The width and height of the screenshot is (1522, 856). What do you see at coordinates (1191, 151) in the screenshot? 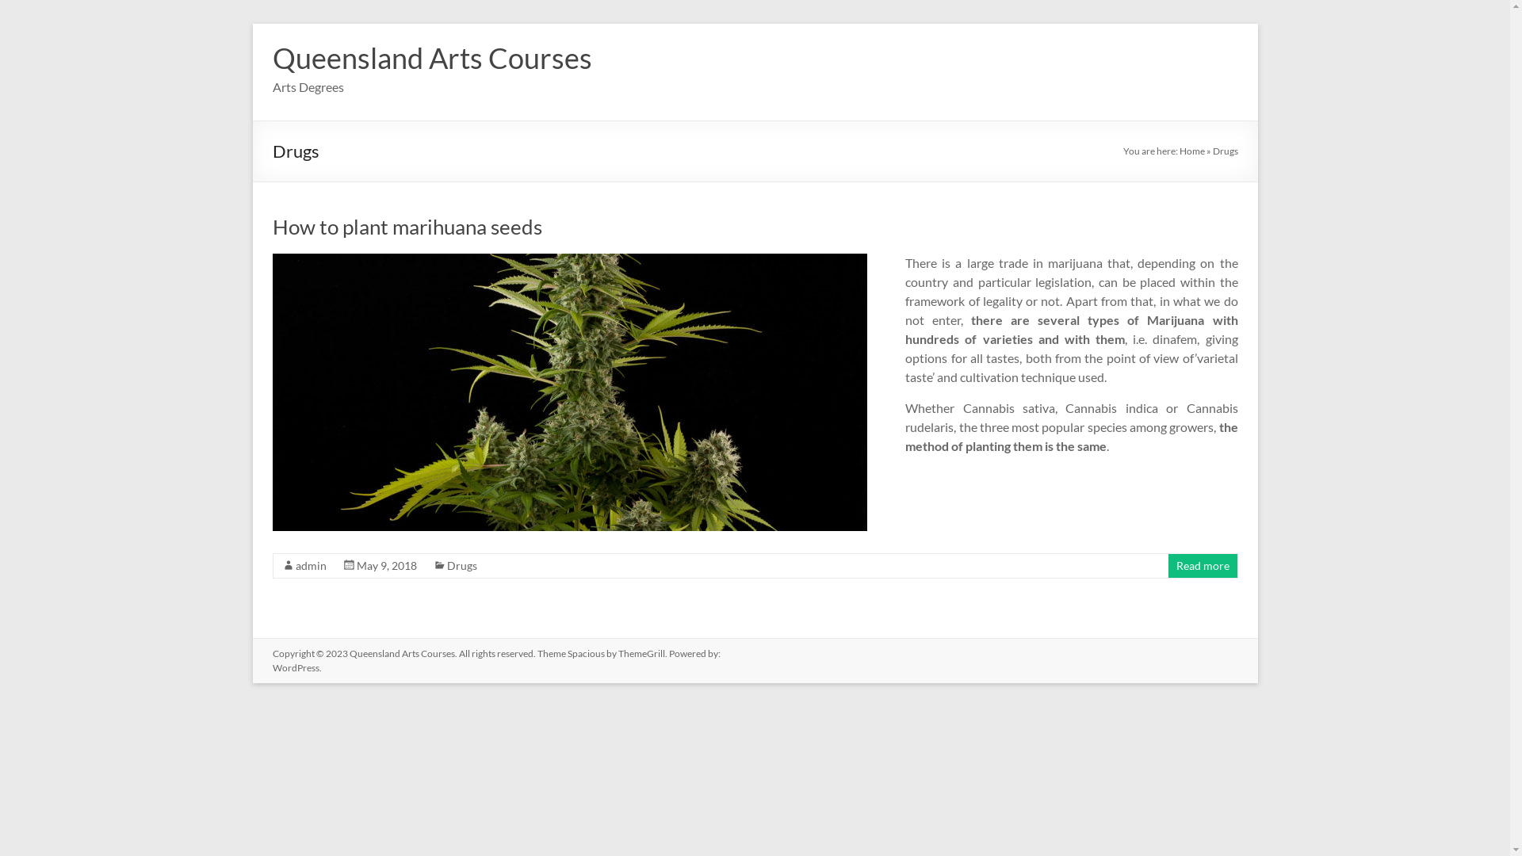
I see `'Home'` at bounding box center [1191, 151].